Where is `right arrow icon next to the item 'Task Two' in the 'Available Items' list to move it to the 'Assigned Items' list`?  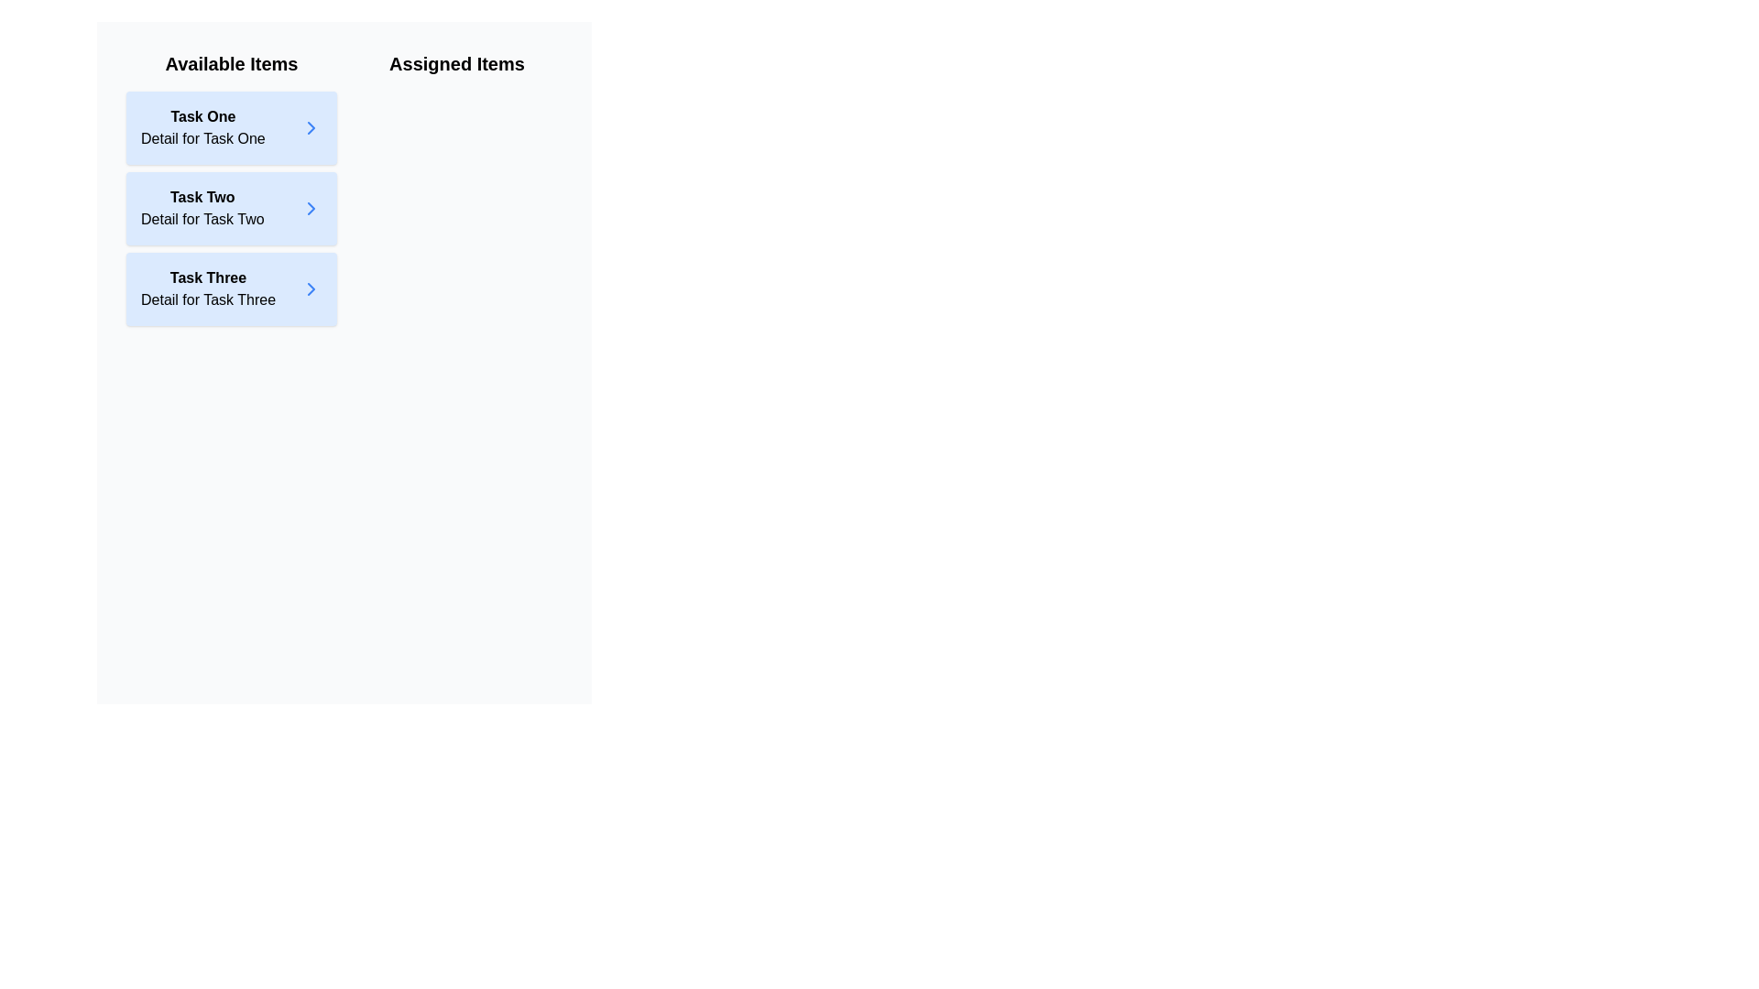
right arrow icon next to the item 'Task Two' in the 'Available Items' list to move it to the 'Assigned Items' list is located at coordinates (311, 207).